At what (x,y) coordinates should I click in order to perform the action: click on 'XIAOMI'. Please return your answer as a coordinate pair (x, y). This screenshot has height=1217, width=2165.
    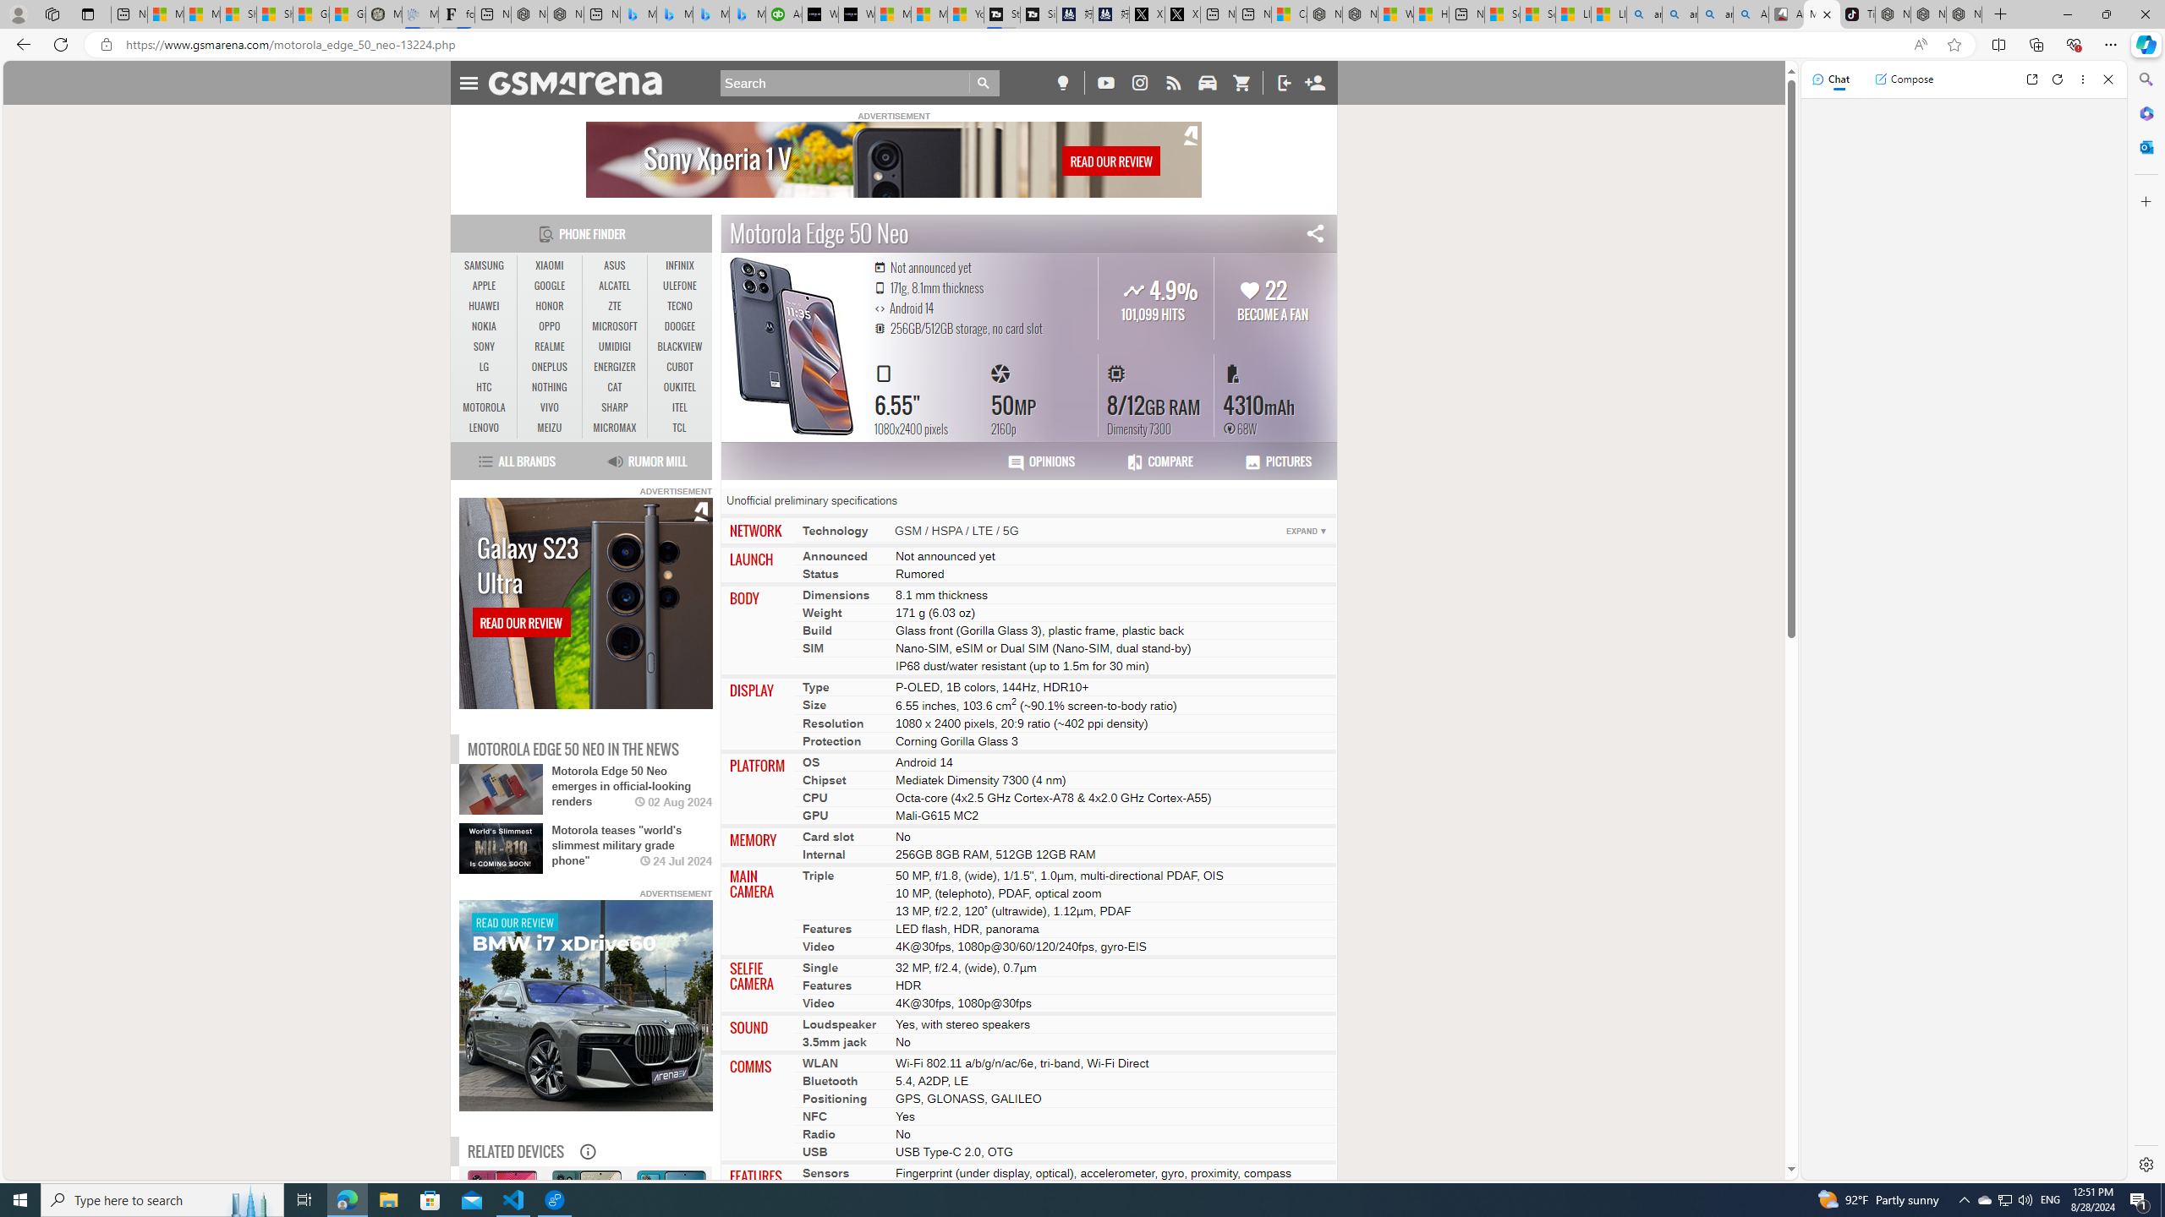
    Looking at the image, I should click on (549, 265).